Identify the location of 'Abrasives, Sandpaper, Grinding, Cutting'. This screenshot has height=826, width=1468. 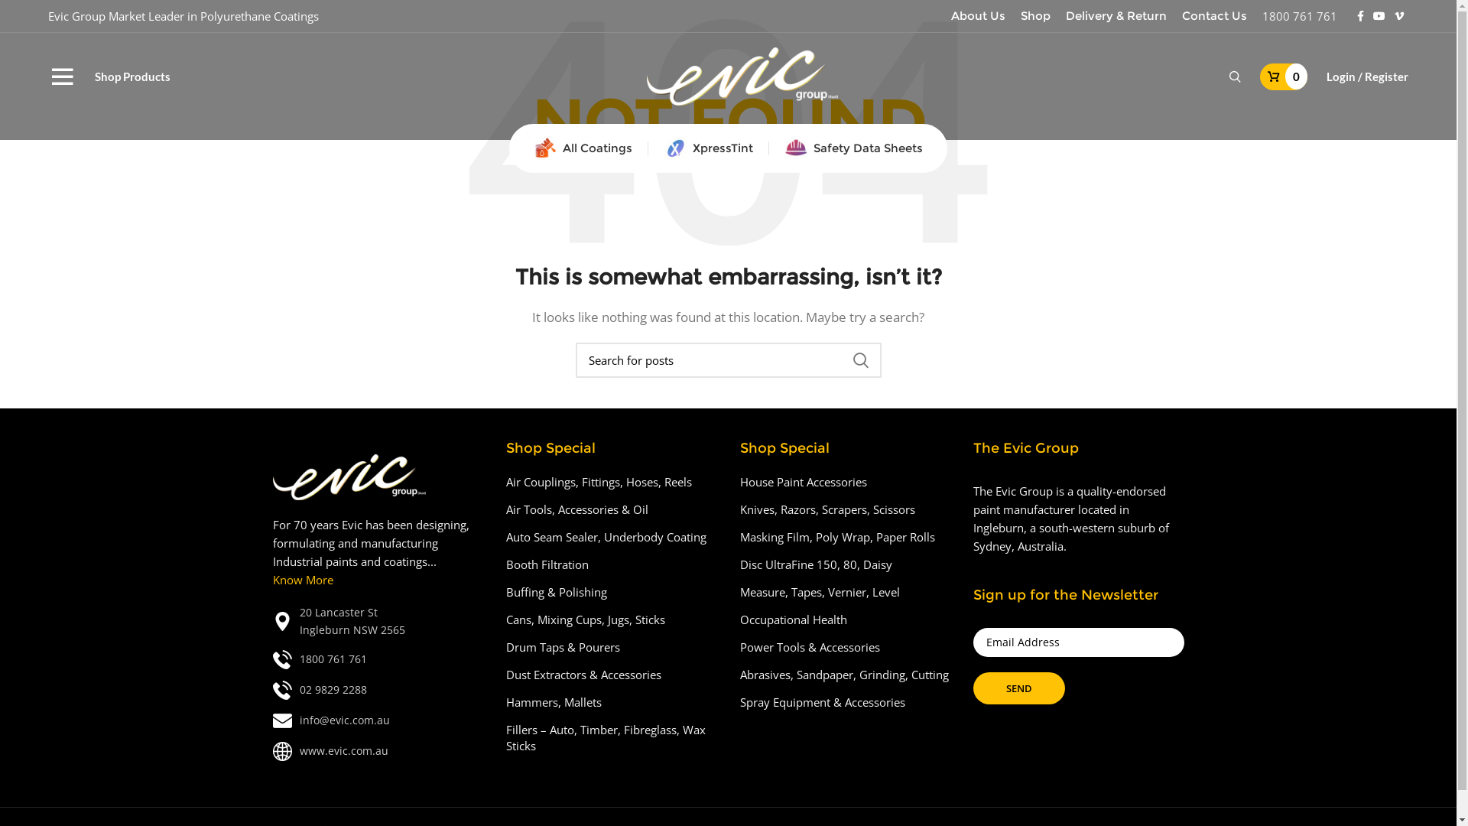
(844, 674).